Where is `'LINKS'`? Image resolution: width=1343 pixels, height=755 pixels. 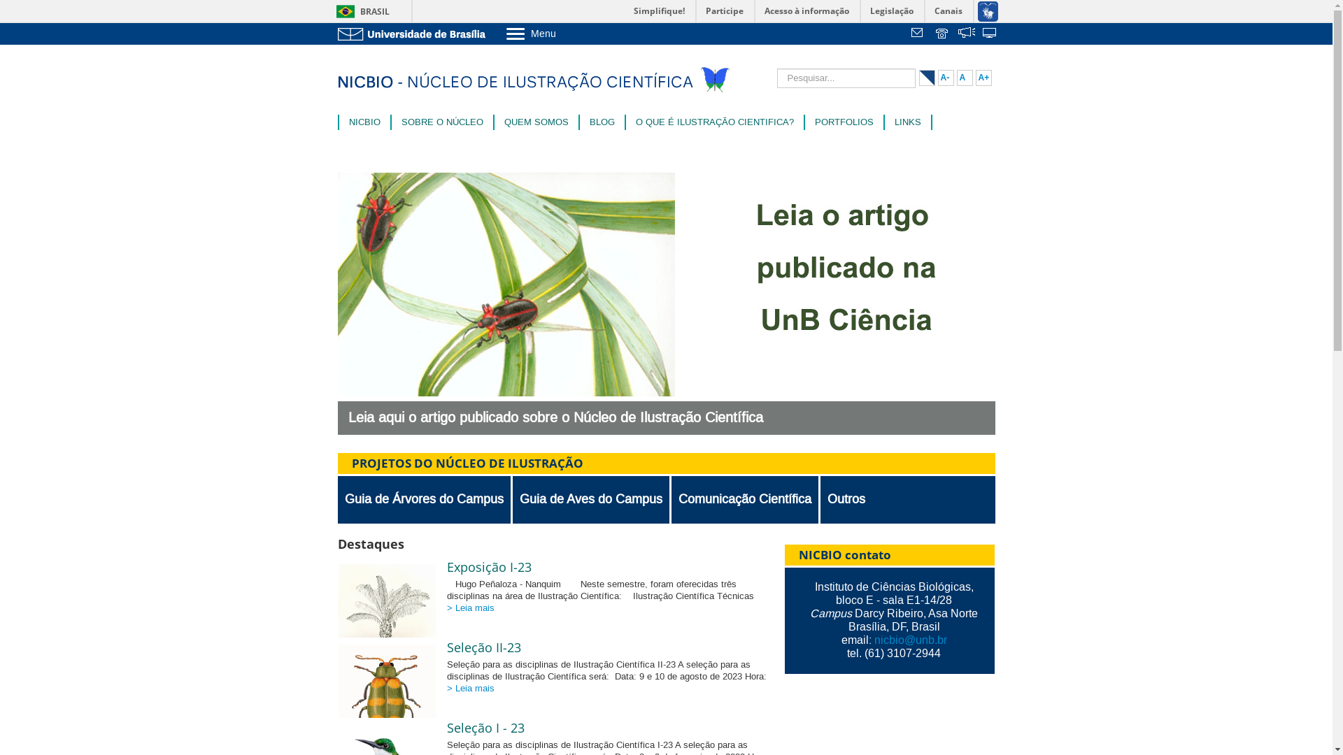 'LINKS' is located at coordinates (883, 121).